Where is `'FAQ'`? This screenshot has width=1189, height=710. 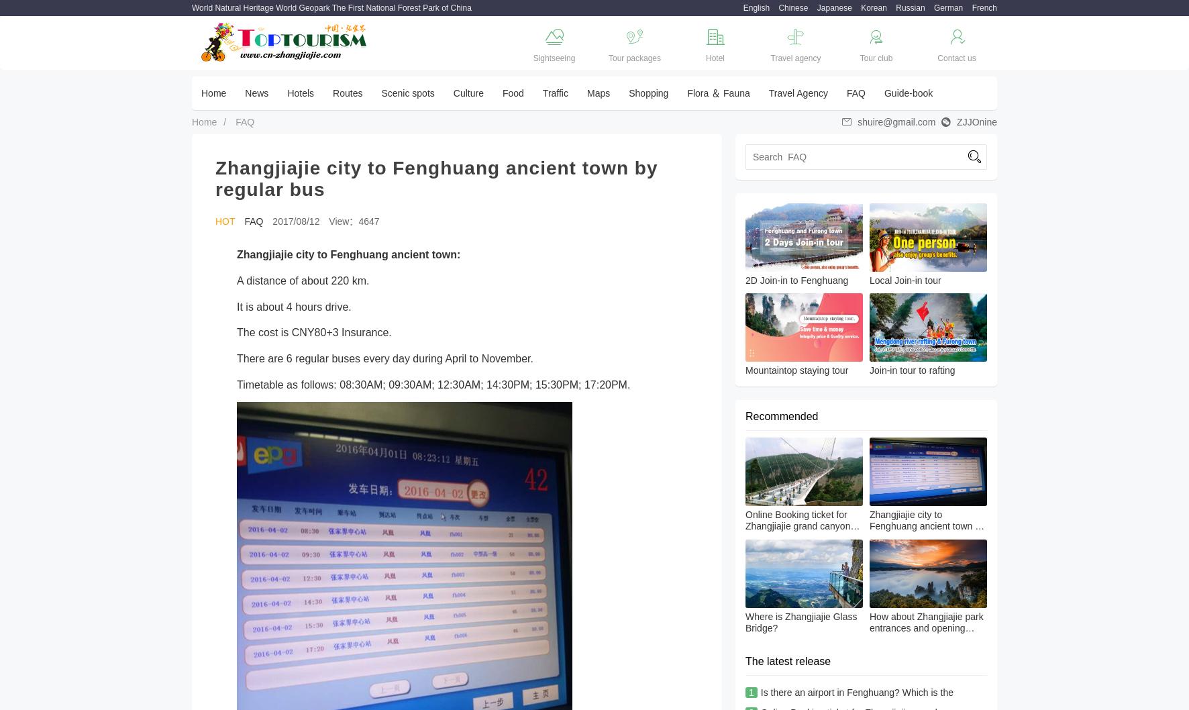
'FAQ' is located at coordinates (855, 93).